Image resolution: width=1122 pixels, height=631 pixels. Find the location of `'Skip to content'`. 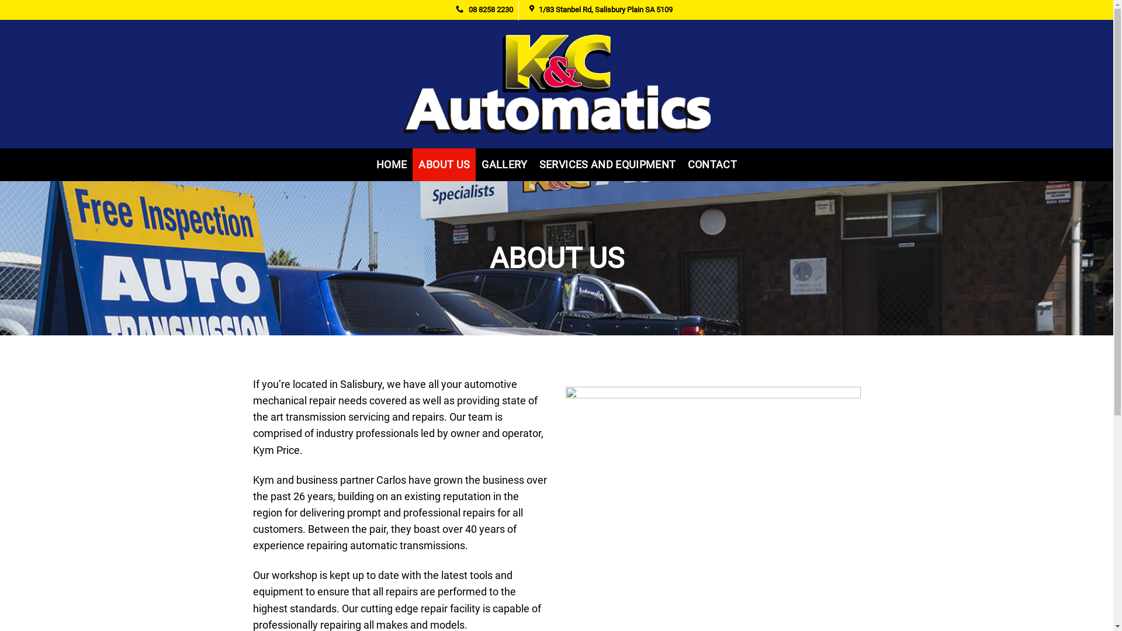

'Skip to content' is located at coordinates (0, 0).